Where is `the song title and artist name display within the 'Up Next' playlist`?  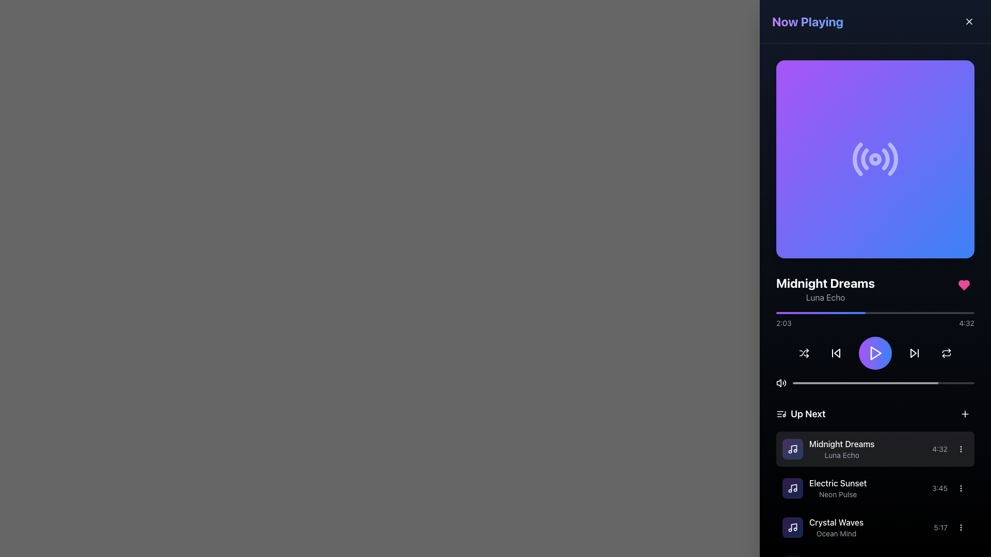
the song title and artist name display within the 'Up Next' playlist is located at coordinates (828, 449).